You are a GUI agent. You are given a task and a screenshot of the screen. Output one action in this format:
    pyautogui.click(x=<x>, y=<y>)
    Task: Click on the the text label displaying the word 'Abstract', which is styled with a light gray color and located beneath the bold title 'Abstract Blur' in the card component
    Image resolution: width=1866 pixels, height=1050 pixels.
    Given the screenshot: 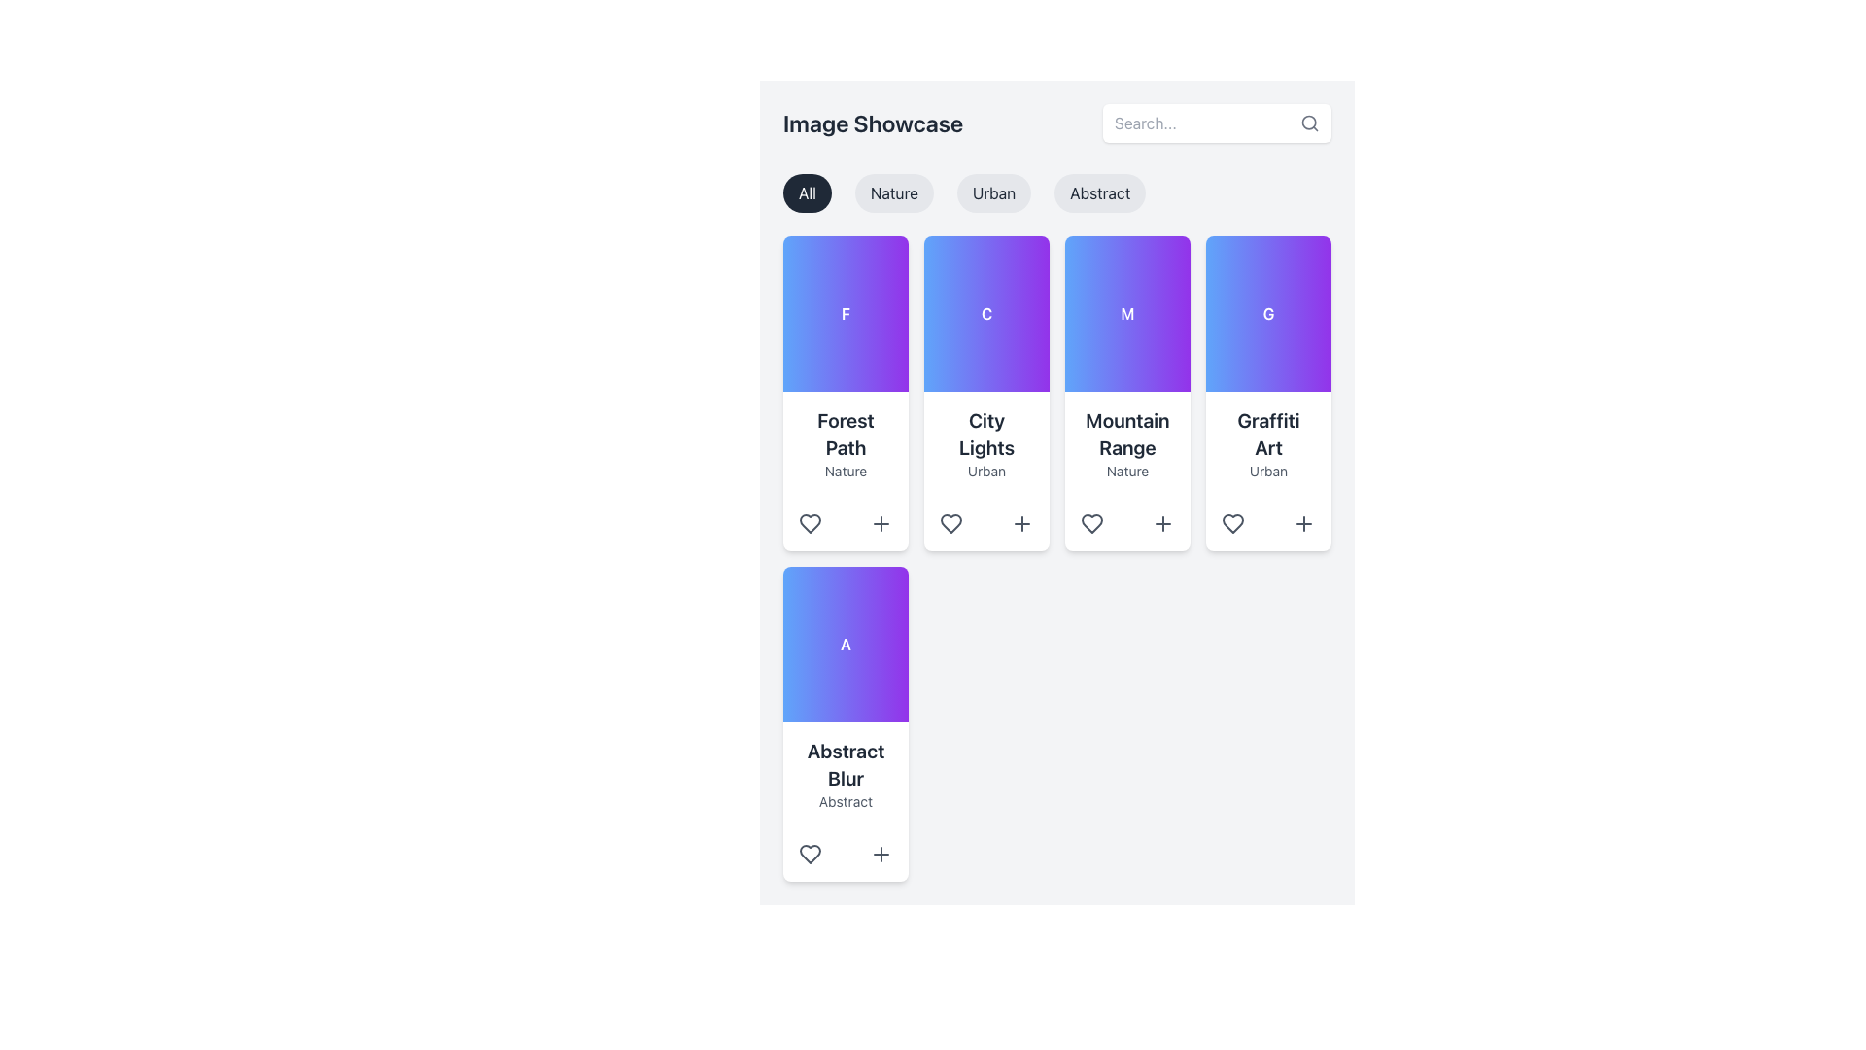 What is the action you would take?
    pyautogui.click(x=846, y=802)
    